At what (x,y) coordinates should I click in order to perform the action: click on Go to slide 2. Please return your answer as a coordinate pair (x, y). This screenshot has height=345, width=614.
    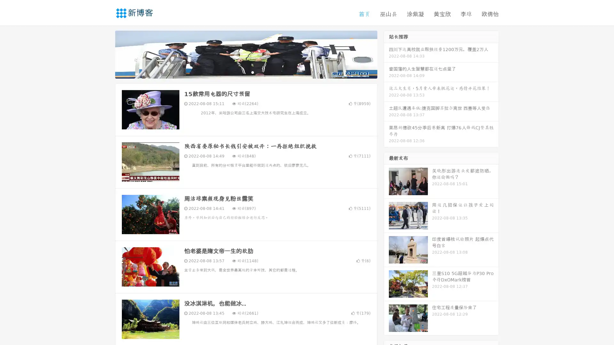
    Looking at the image, I should click on (246, 72).